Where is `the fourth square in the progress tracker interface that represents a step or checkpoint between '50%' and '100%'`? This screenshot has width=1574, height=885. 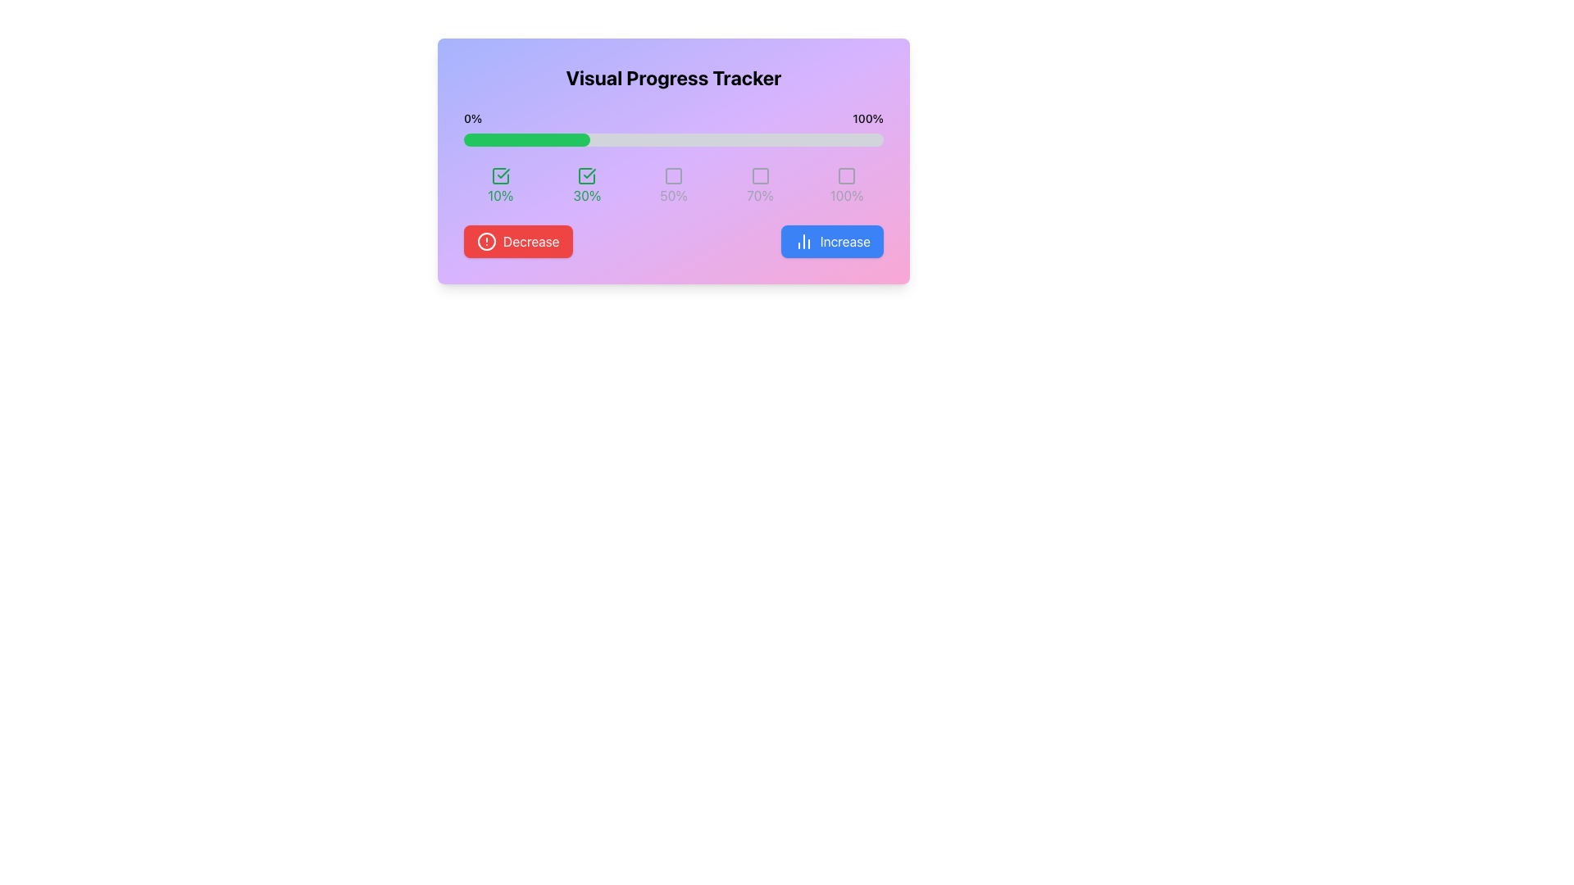
the fourth square in the progress tracker interface that represents a step or checkpoint between '50%' and '100%' is located at coordinates (759, 176).